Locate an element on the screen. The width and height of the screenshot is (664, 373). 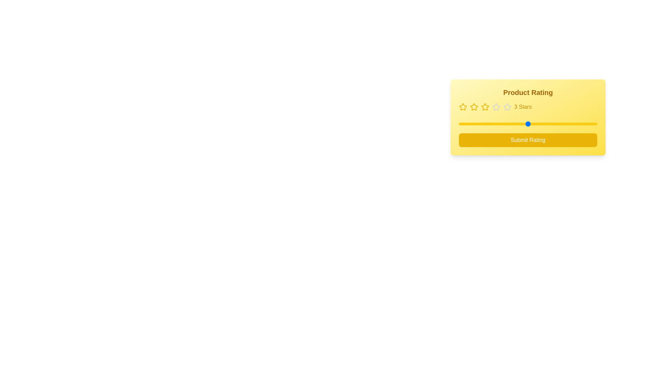
the slider is located at coordinates (459, 123).